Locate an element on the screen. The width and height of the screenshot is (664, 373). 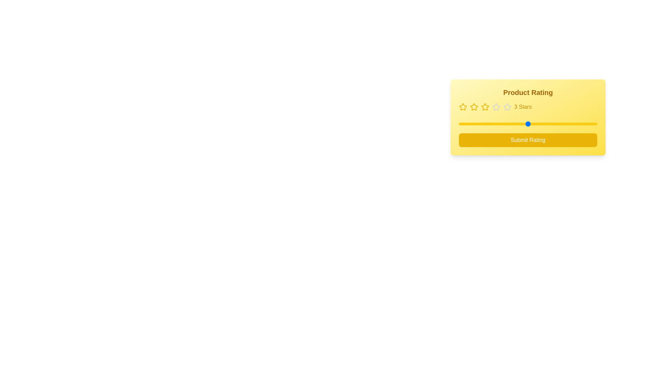
the slider is located at coordinates (459, 123).